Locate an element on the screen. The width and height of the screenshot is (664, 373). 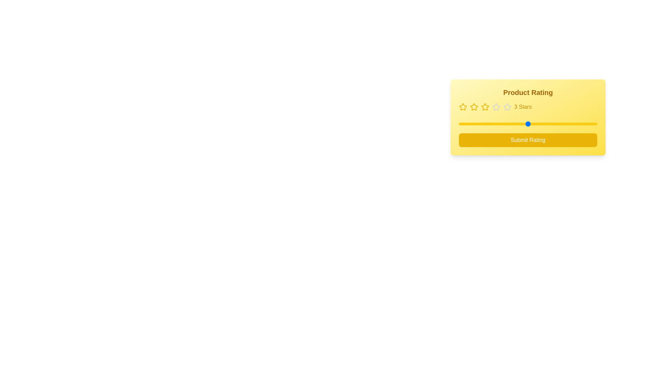
the slider is located at coordinates (459, 123).